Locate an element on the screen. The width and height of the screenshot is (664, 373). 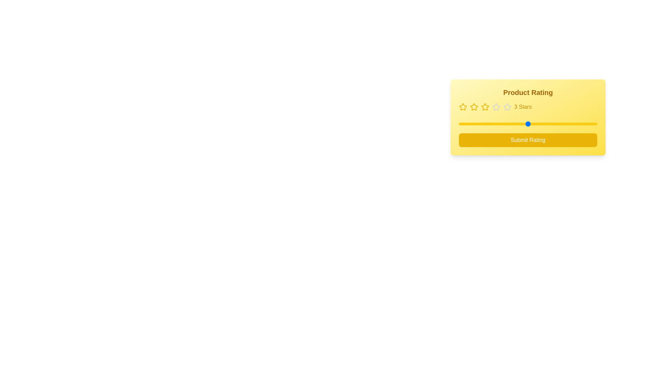
the slider is located at coordinates (459, 123).